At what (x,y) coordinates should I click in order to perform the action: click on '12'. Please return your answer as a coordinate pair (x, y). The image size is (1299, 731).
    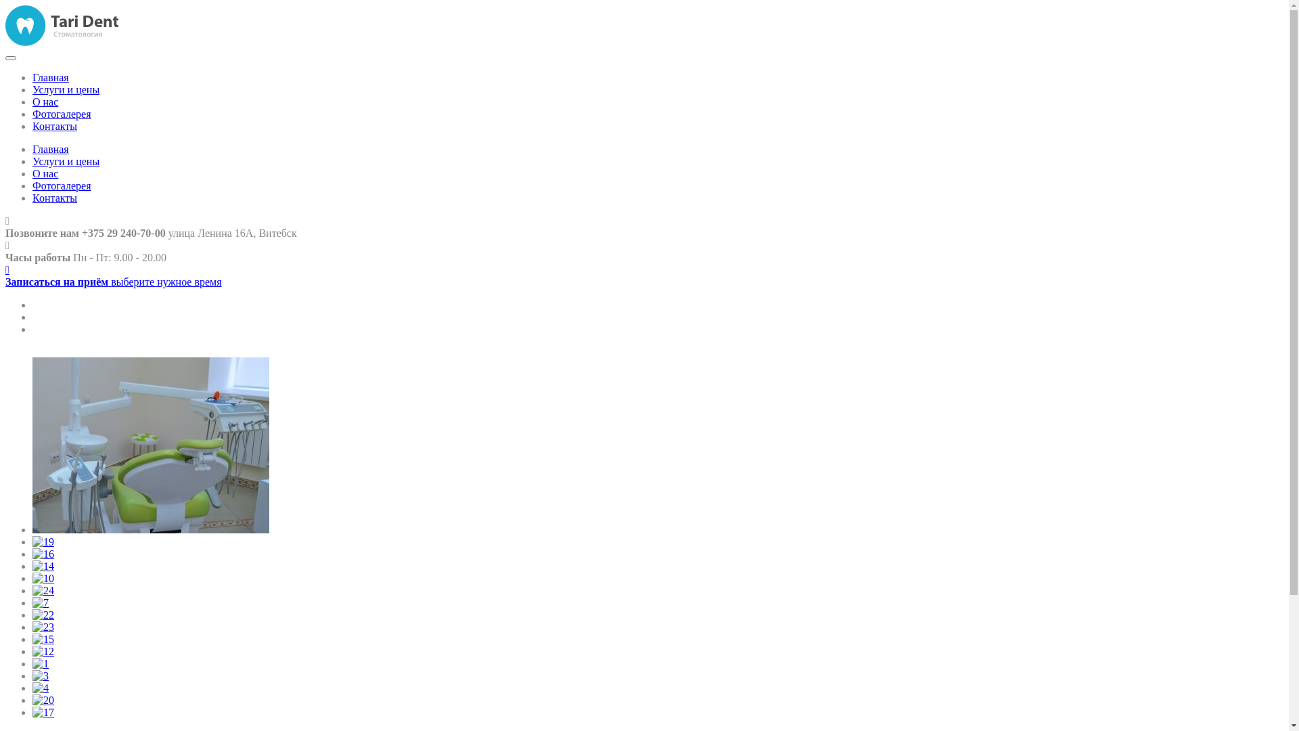
    Looking at the image, I should click on (43, 651).